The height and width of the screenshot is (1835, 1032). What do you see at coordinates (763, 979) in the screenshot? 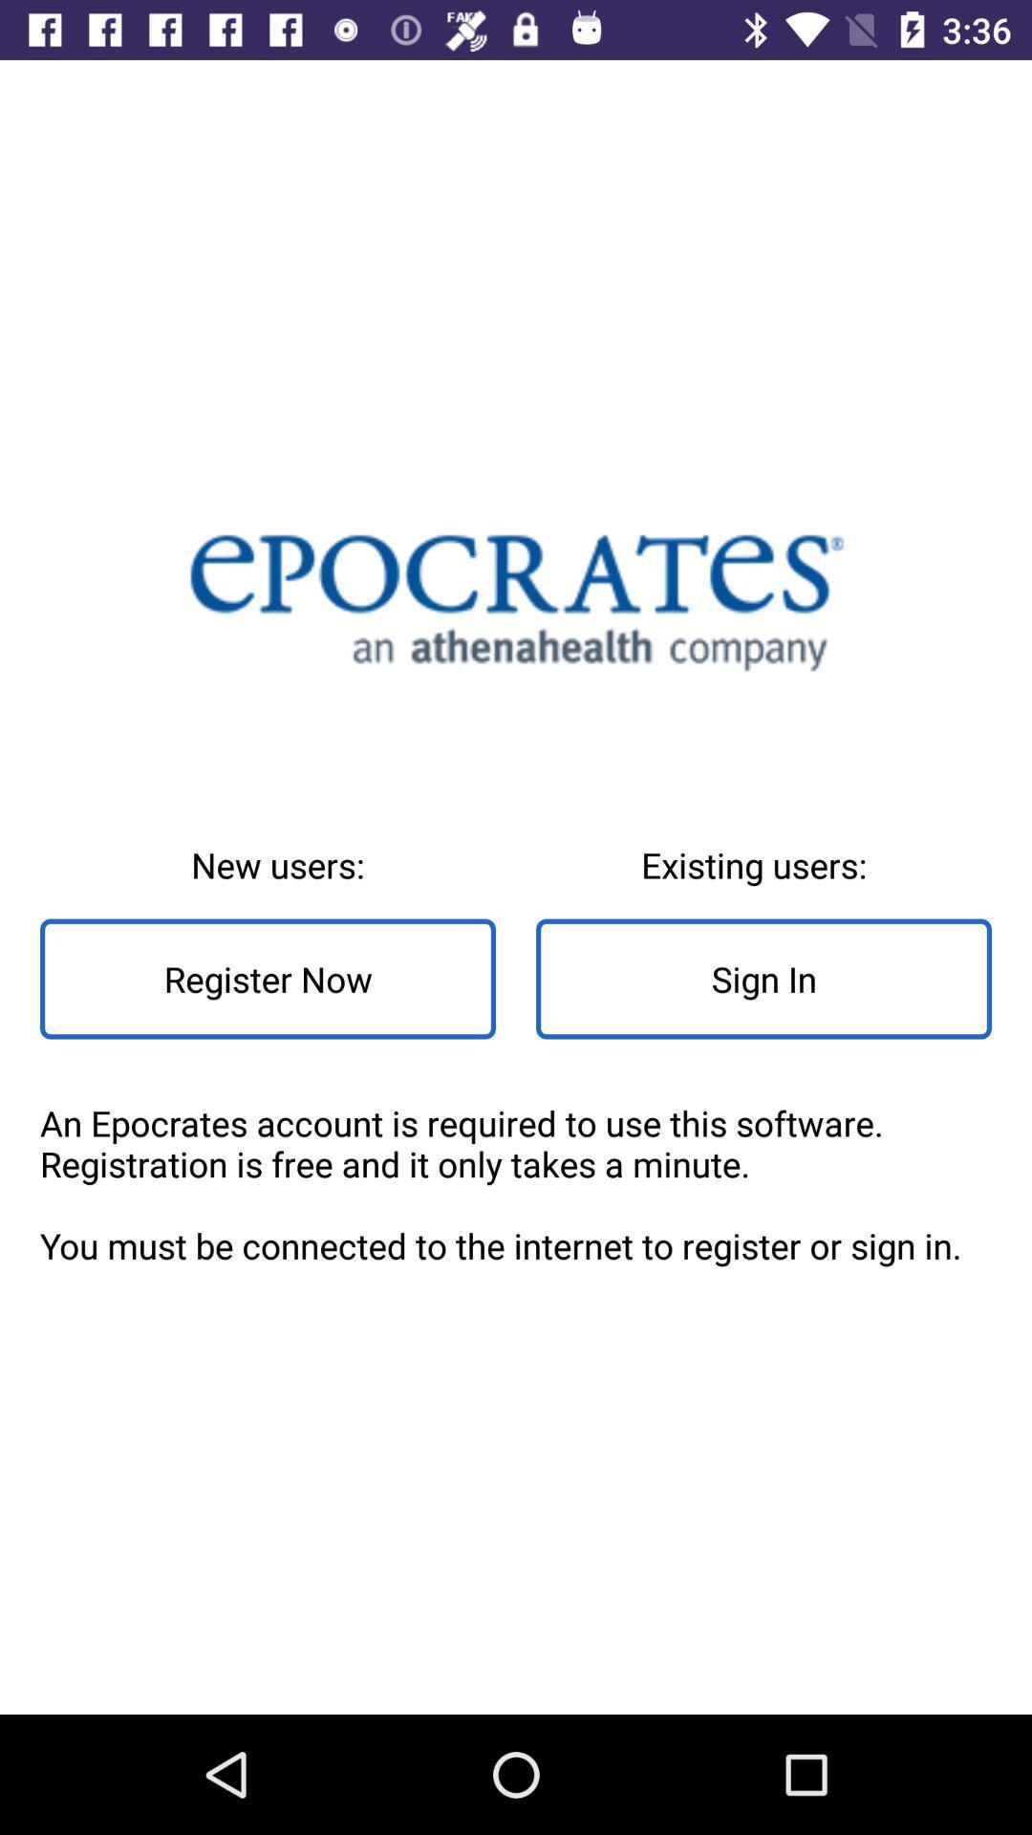
I see `the icon above the an epocrates account` at bounding box center [763, 979].